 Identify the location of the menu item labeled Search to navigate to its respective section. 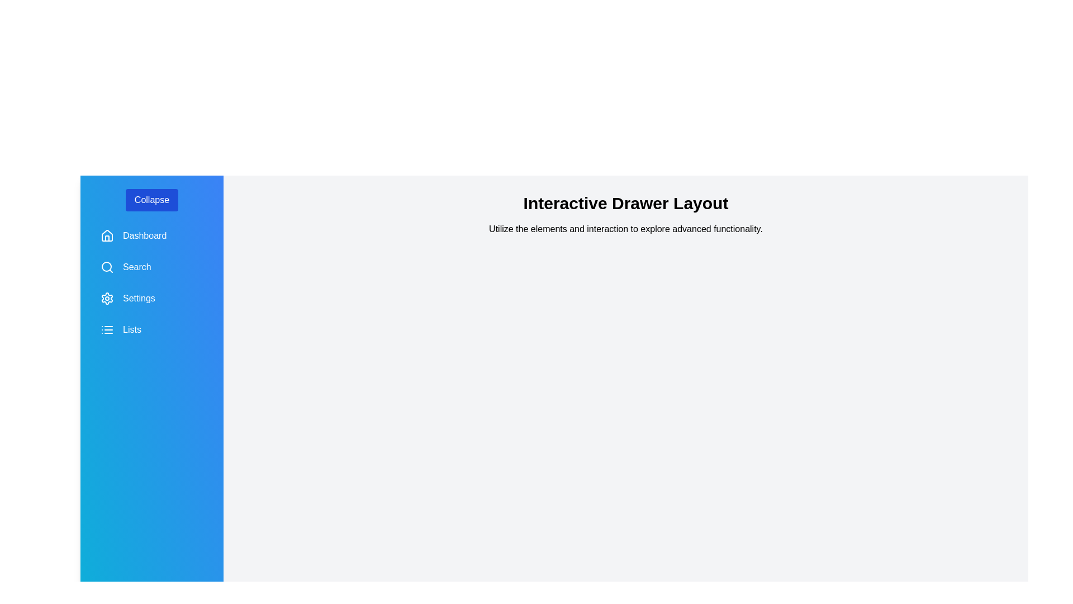
(151, 267).